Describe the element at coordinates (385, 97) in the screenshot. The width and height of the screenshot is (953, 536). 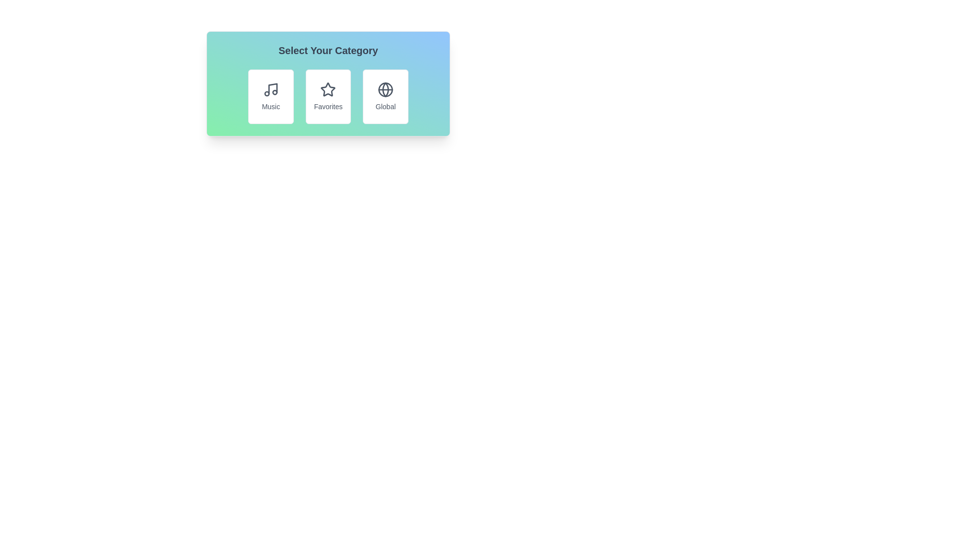
I see `the button labeled 'Global' which is located in the rightmost position under the heading 'Select Your Category'` at that location.